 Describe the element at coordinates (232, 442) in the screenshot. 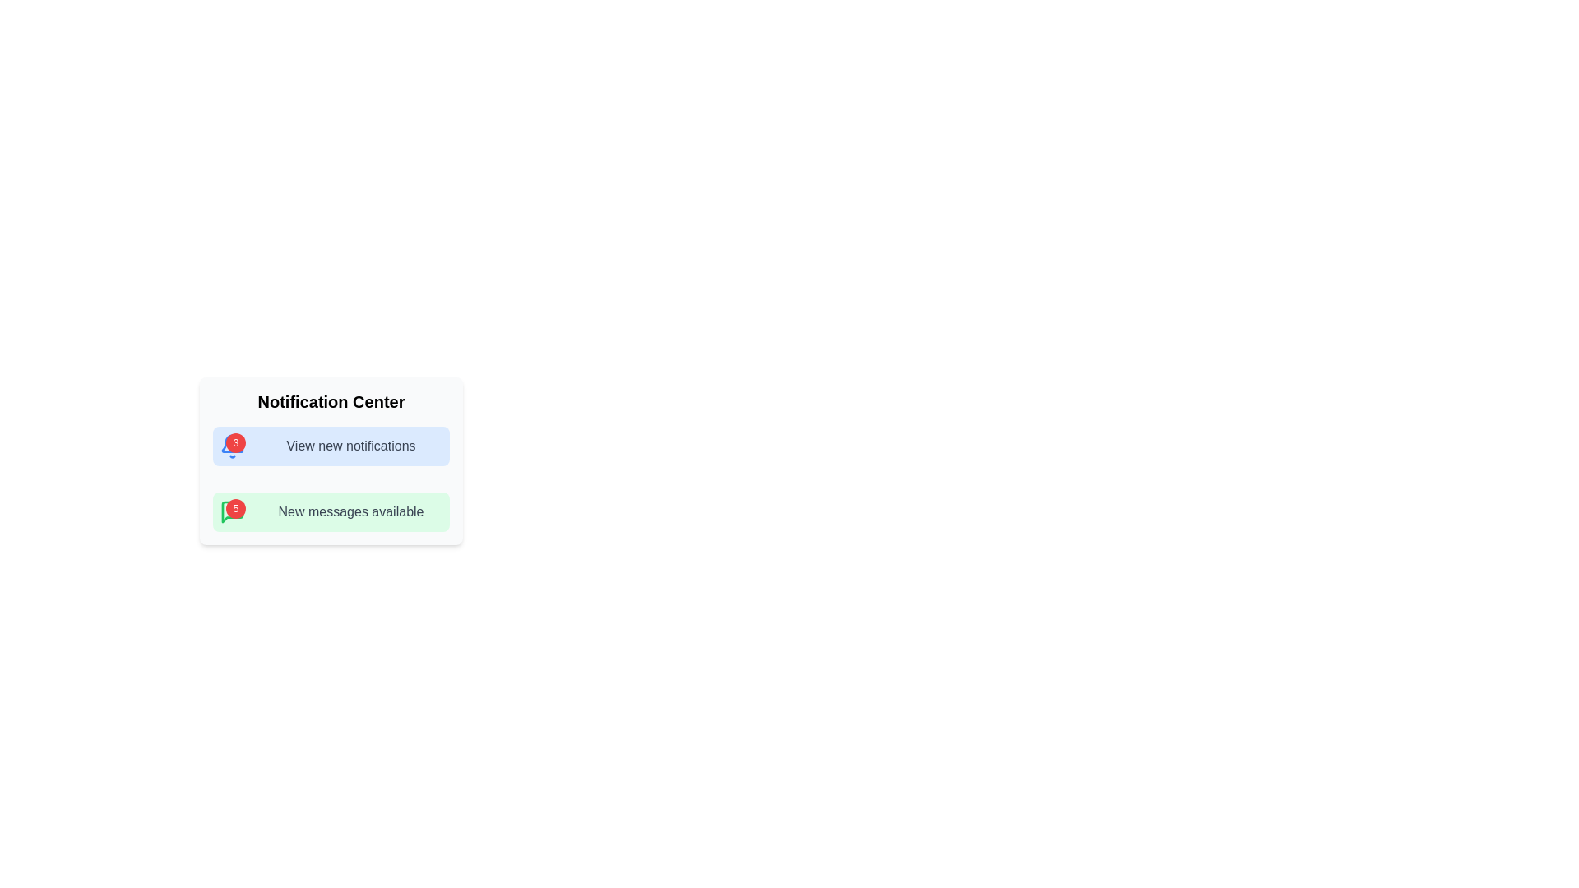

I see `the bell-shaped notification icon located above the 'View new notifications' text` at that location.